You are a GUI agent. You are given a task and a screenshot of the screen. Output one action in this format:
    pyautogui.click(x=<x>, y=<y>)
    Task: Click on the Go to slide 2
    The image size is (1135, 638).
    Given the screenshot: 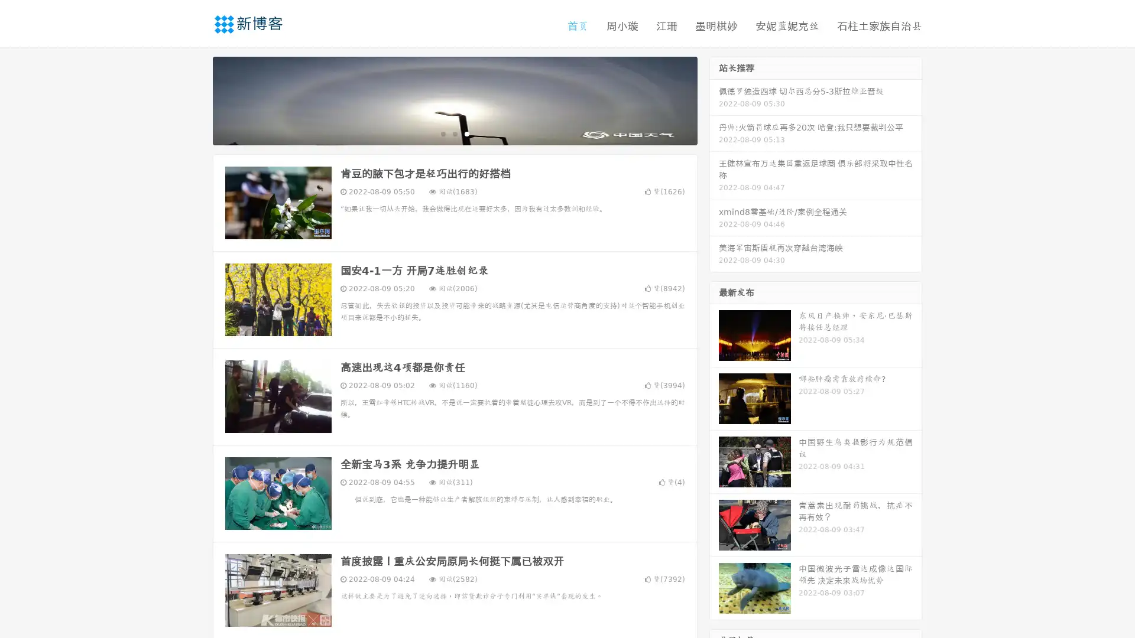 What is the action you would take?
    pyautogui.click(x=454, y=133)
    